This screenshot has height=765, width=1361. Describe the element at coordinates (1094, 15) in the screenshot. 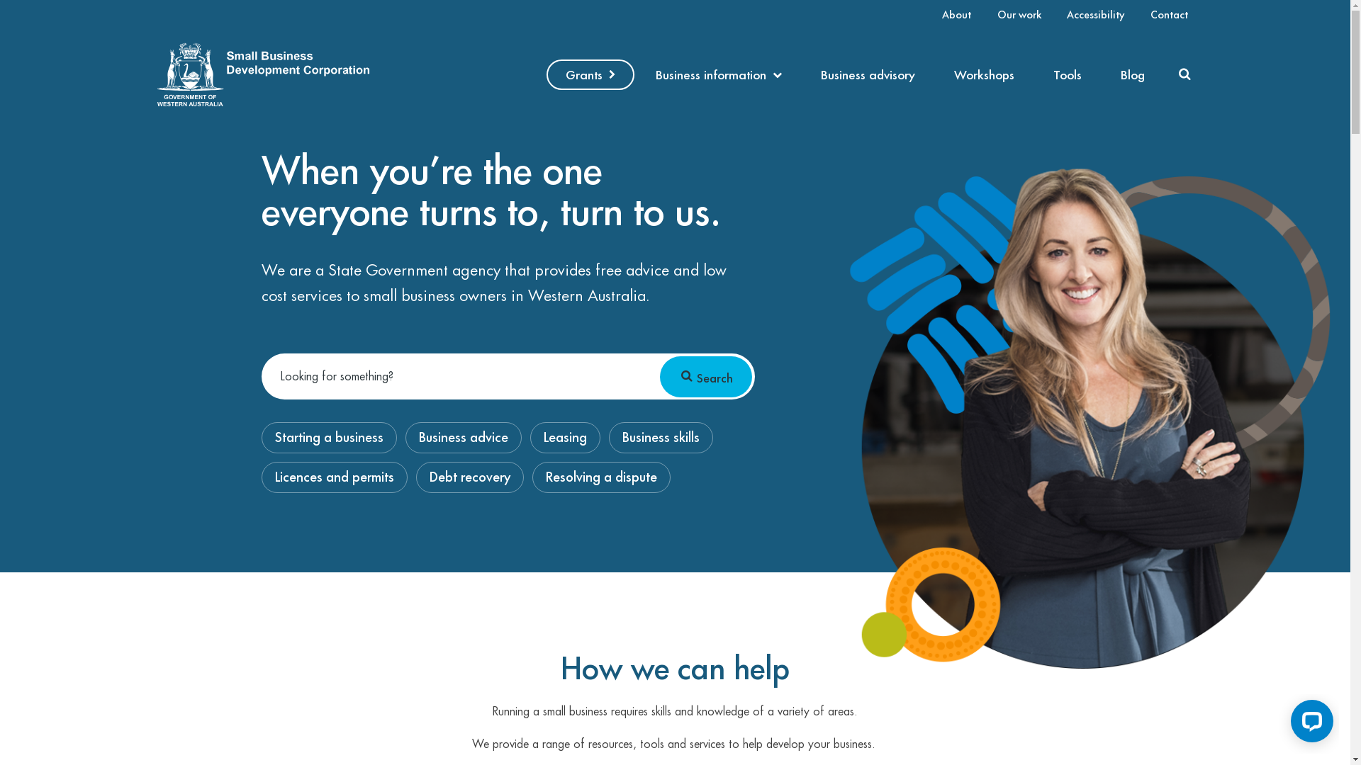

I see `'Accessibility'` at that location.